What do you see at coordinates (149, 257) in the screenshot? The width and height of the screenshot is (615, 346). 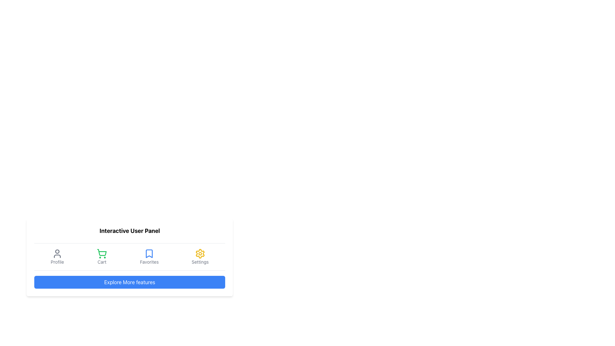 I see `the 'Favorites' button, which is the third interactive component from the left in a horizontal row of four options, positioned between 'Cart' and 'Settings', to trigger the hover effect` at bounding box center [149, 257].